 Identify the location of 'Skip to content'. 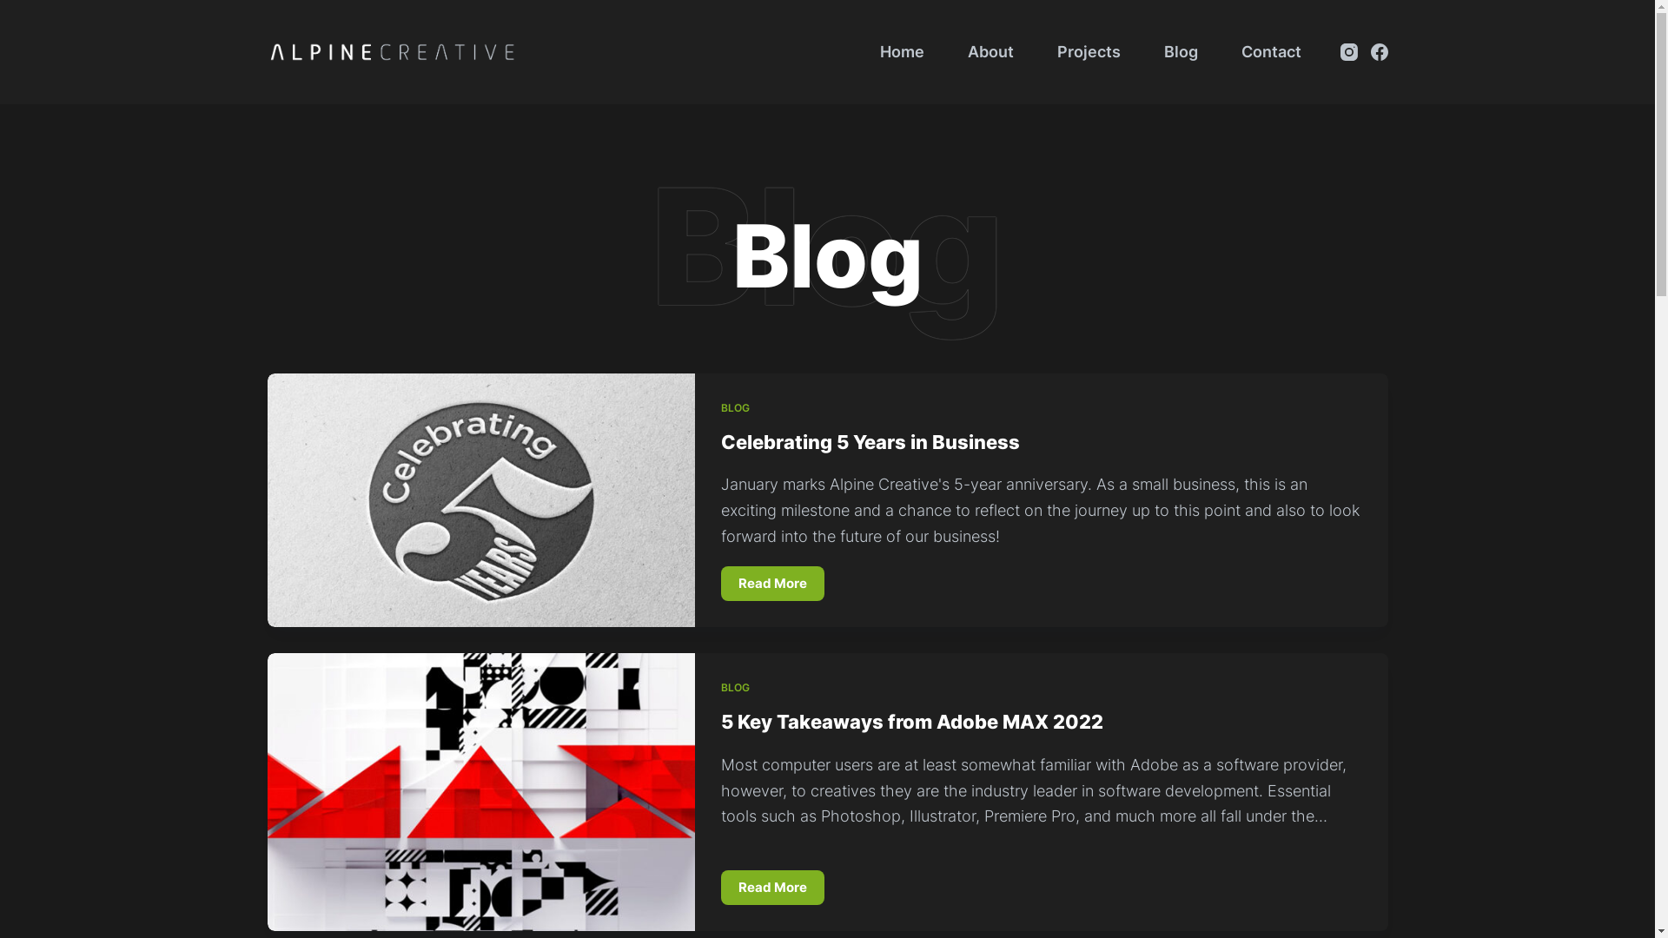
(0, 9).